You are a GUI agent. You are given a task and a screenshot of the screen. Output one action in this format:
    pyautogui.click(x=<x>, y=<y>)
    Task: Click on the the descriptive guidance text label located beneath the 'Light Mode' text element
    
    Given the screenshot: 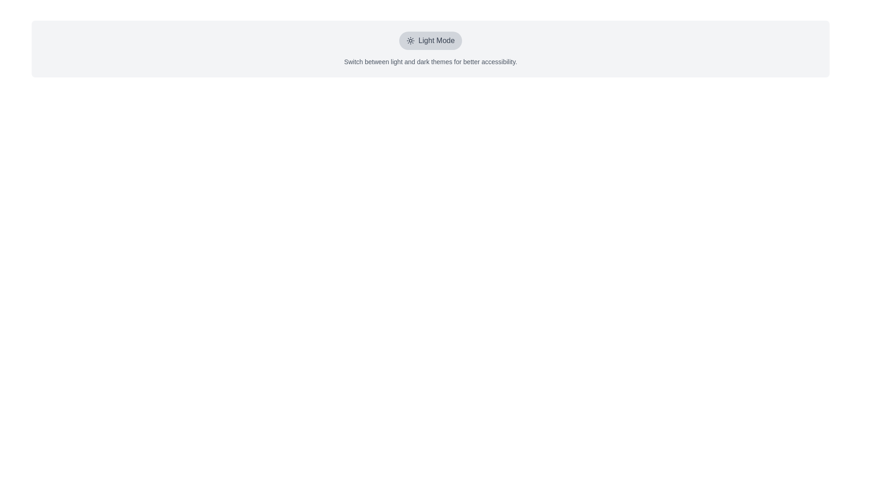 What is the action you would take?
    pyautogui.click(x=430, y=62)
    